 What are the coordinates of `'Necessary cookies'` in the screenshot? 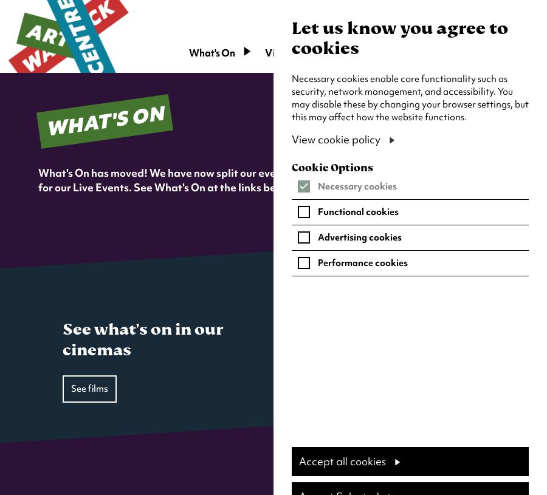 It's located at (357, 185).